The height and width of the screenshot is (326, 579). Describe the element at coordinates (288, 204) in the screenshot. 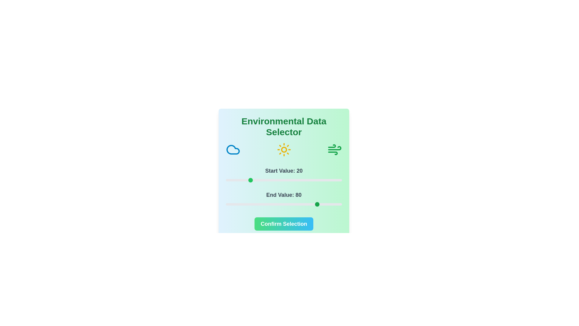

I see `the End Value slider` at that location.